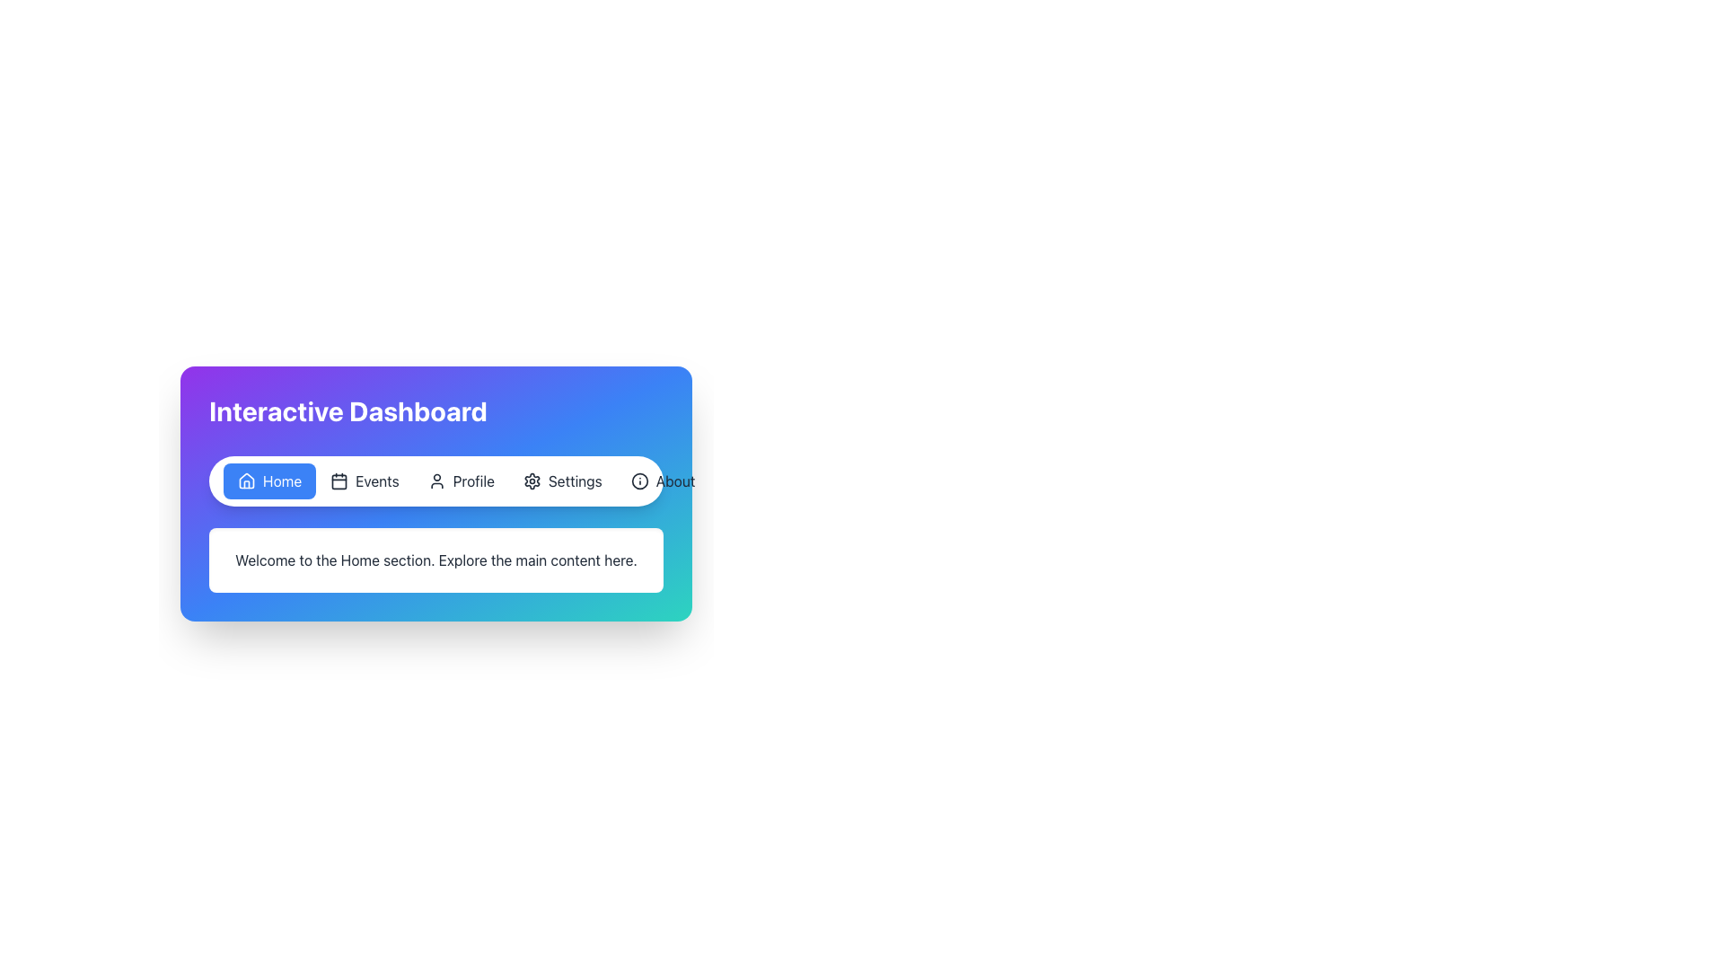 Image resolution: width=1724 pixels, height=970 pixels. Describe the element at coordinates (364, 481) in the screenshot. I see `the navigation button labeled 'Events' in the horizontal navigation bar` at that location.